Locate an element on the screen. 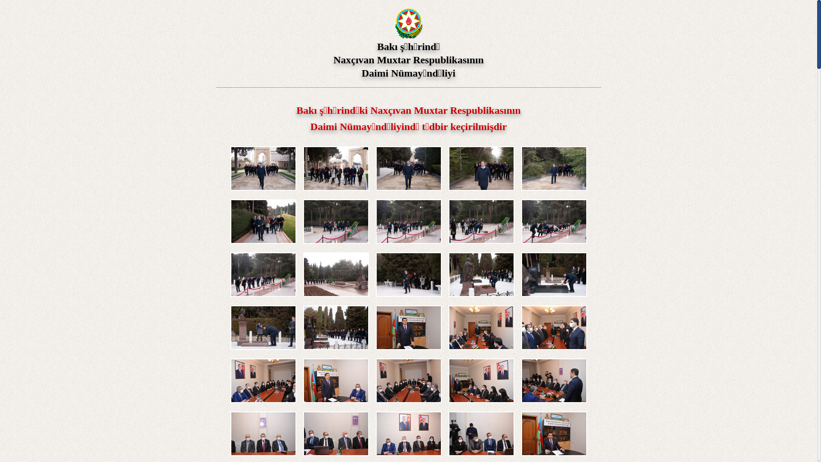 The height and width of the screenshot is (462, 821). 'Click to enlarge' is located at coordinates (303, 327).